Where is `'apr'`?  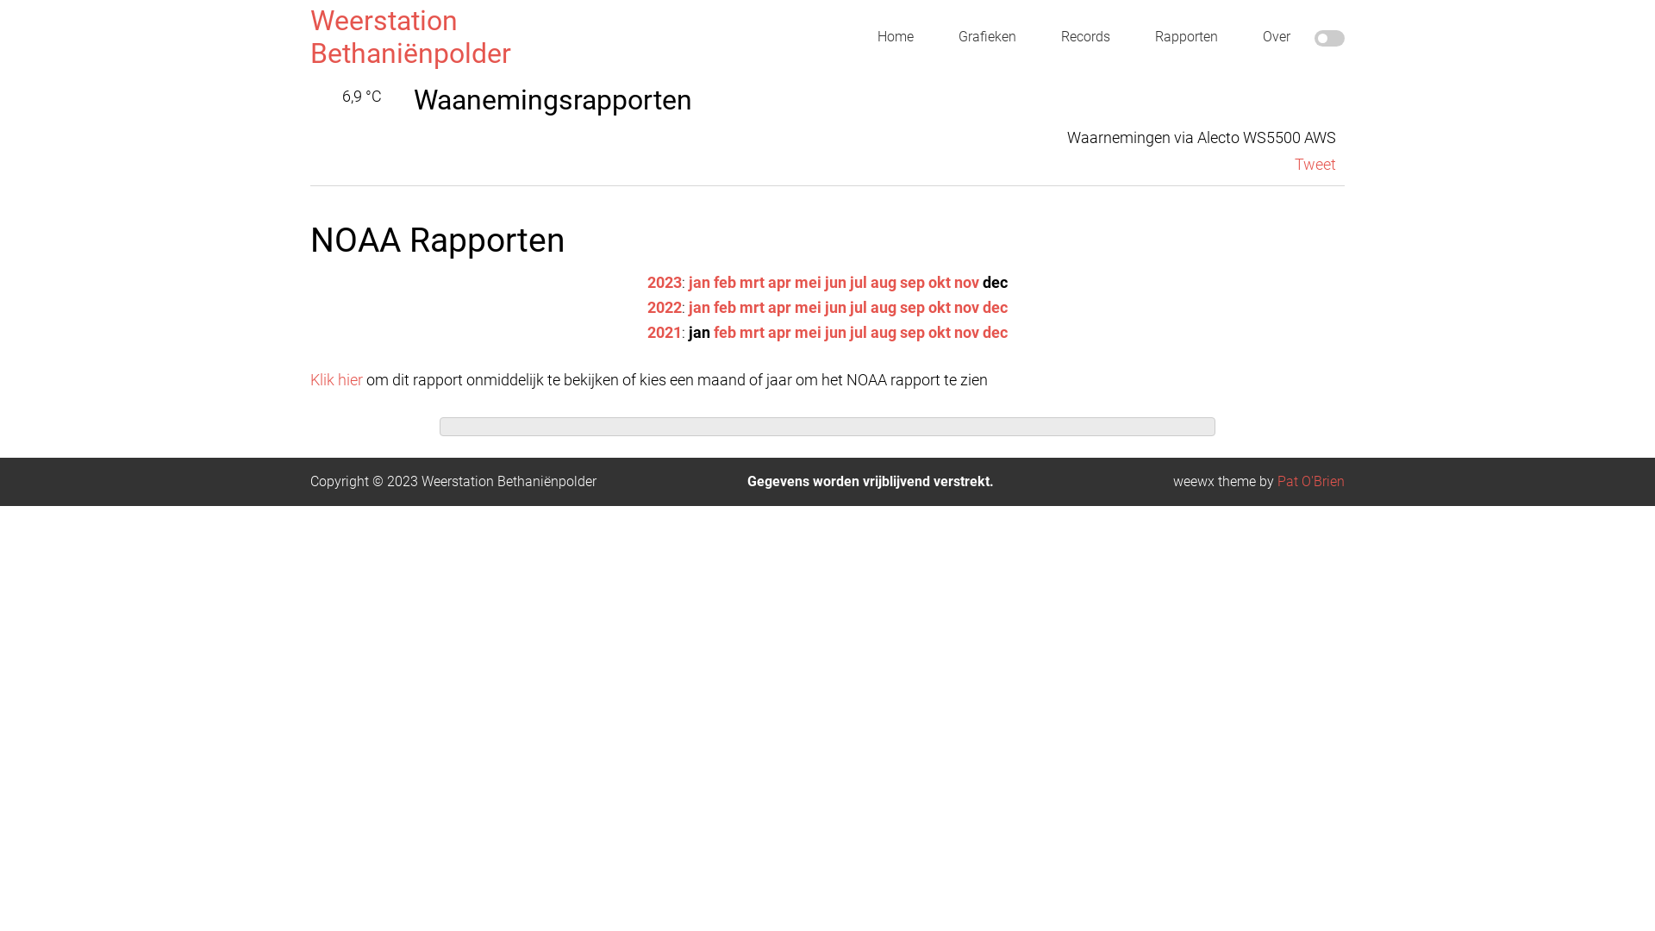
'apr' is located at coordinates (767, 281).